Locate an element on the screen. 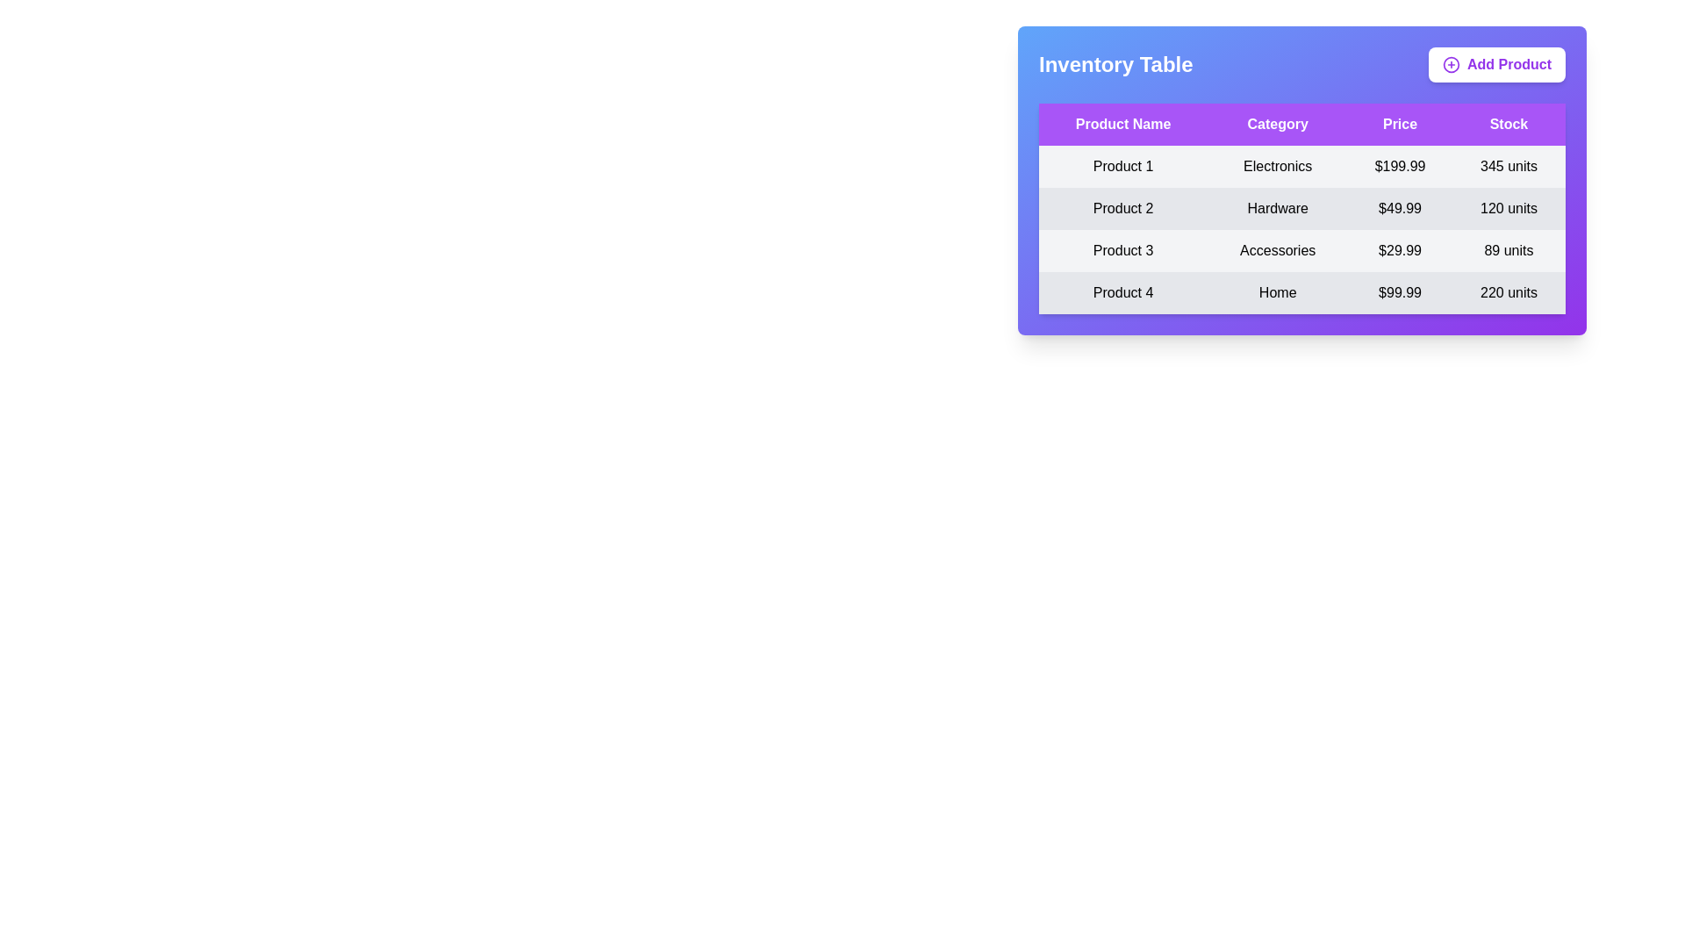 The height and width of the screenshot is (948, 1685). the row corresponding to Product 2 is located at coordinates (1301, 208).